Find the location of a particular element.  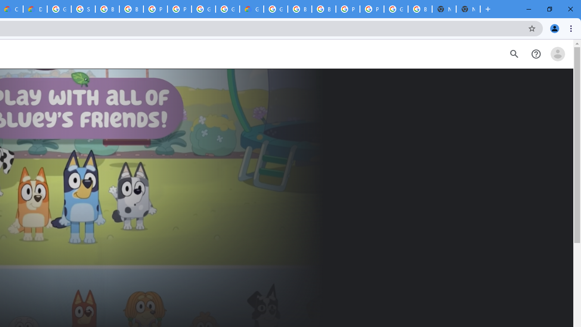

'Browse Chrome as a guest - Computer - Google Chrome Help' is located at coordinates (107, 9).